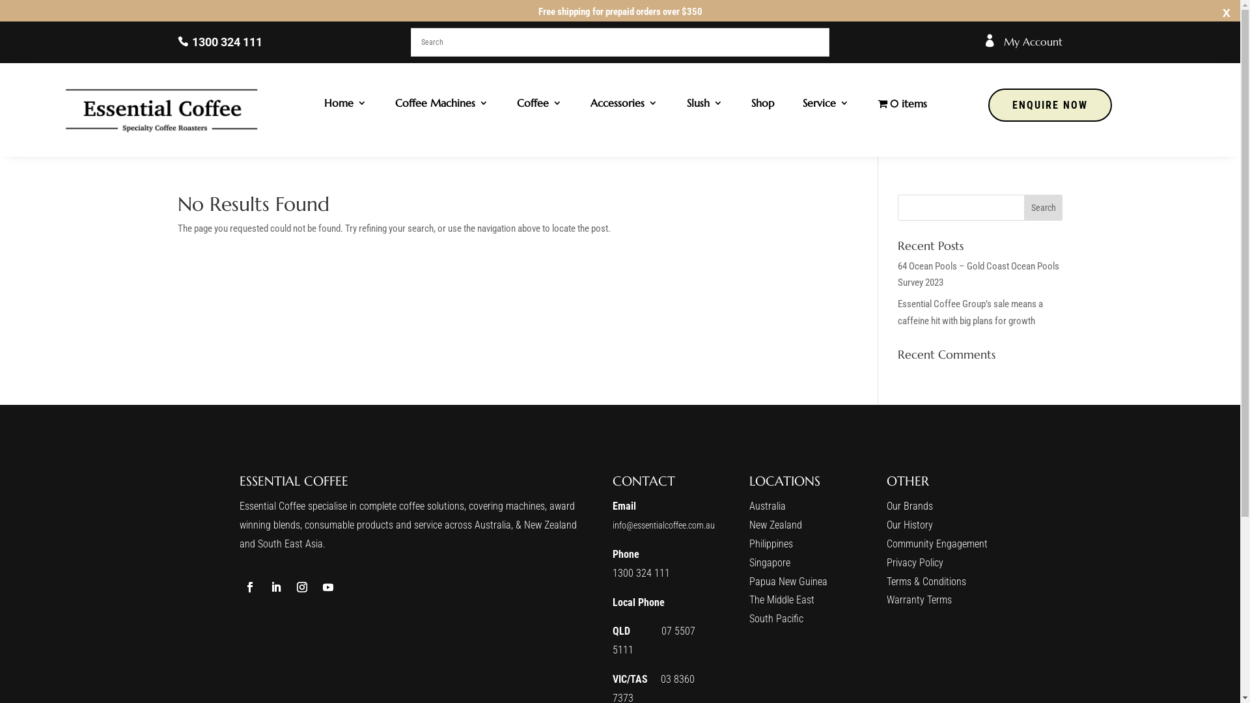 The image size is (1250, 703). I want to click on 'Our Brands', so click(909, 505).